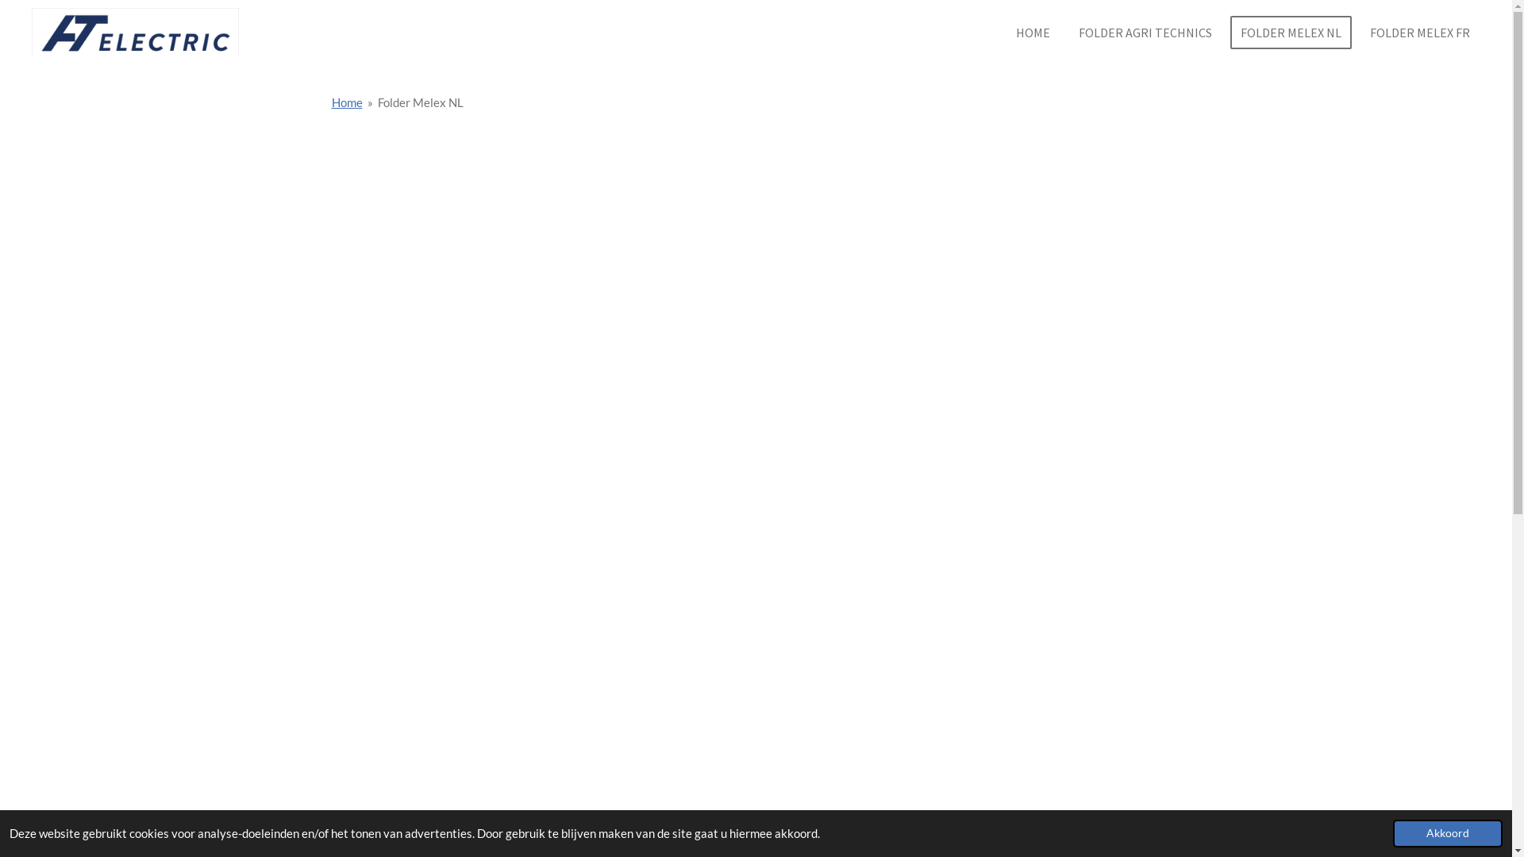  I want to click on 'Folder Melex NL', so click(376, 102).